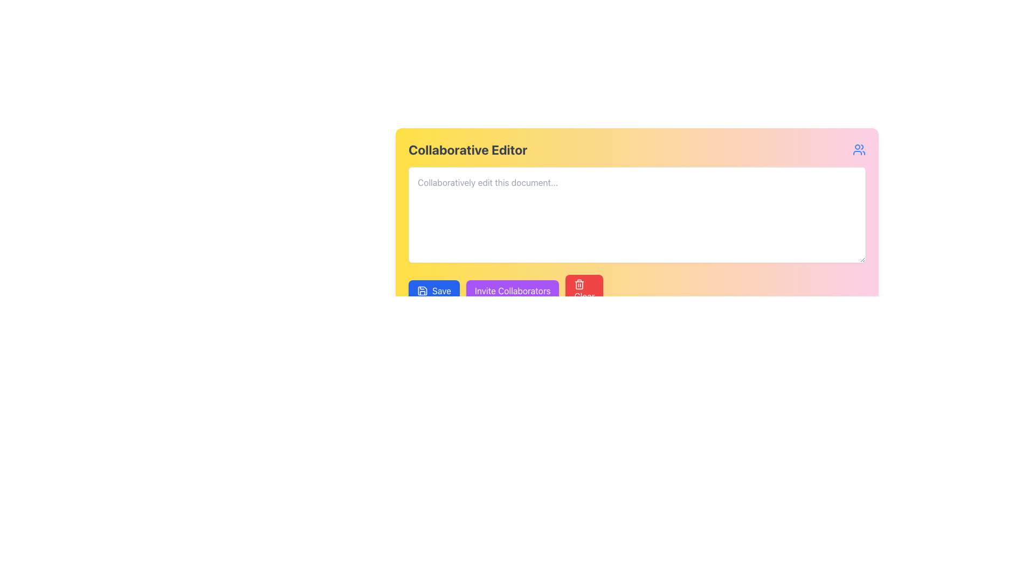  Describe the element at coordinates (584, 291) in the screenshot. I see `the 'Clear' button located below the editor text area, which is the third button in the group` at that location.